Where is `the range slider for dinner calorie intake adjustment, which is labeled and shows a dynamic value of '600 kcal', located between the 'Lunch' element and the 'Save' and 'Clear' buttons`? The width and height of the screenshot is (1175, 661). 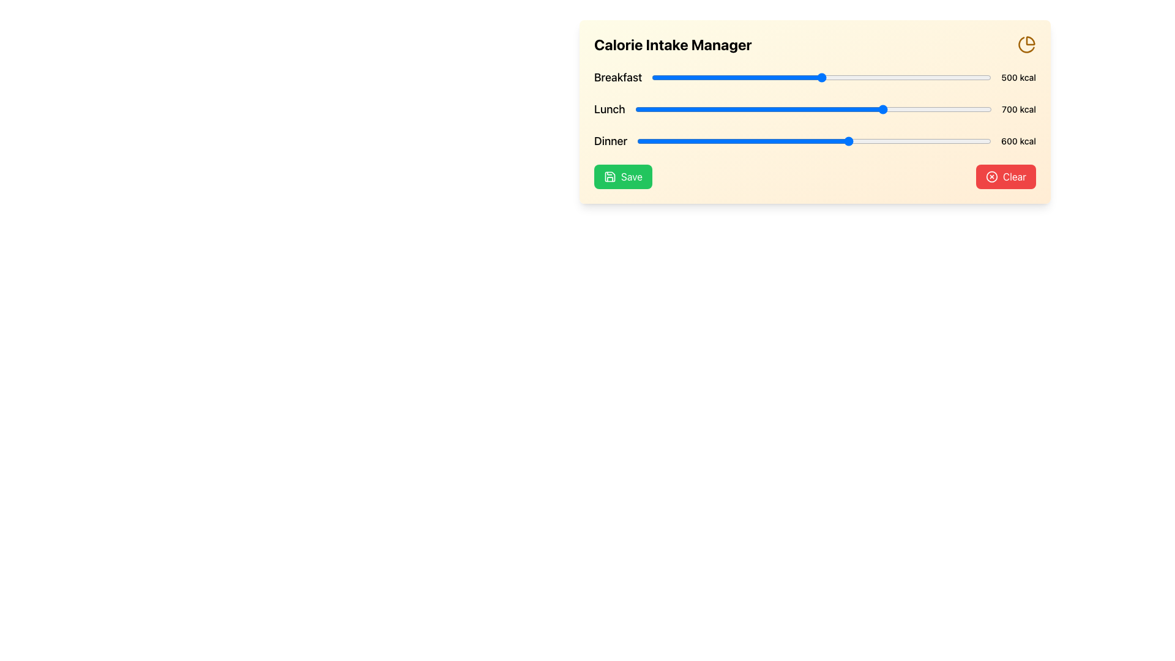
the range slider for dinner calorie intake adjustment, which is labeled and shows a dynamic value of '600 kcal', located between the 'Lunch' element and the 'Save' and 'Clear' buttons is located at coordinates (815, 141).